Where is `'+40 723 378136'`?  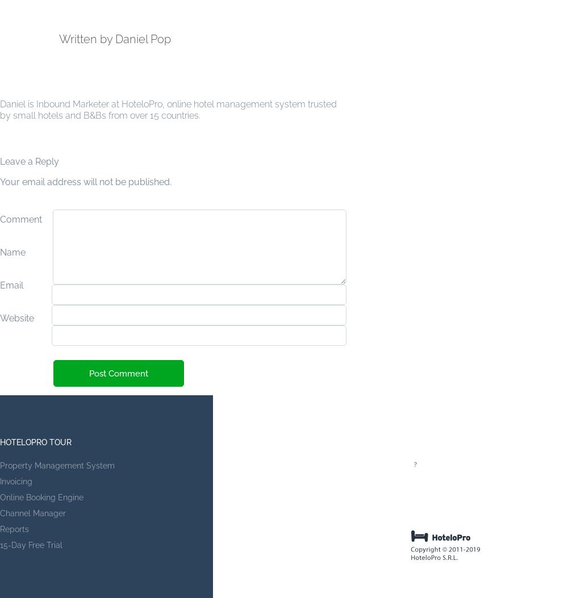 '+40 723 378136' is located at coordinates (448, 497).